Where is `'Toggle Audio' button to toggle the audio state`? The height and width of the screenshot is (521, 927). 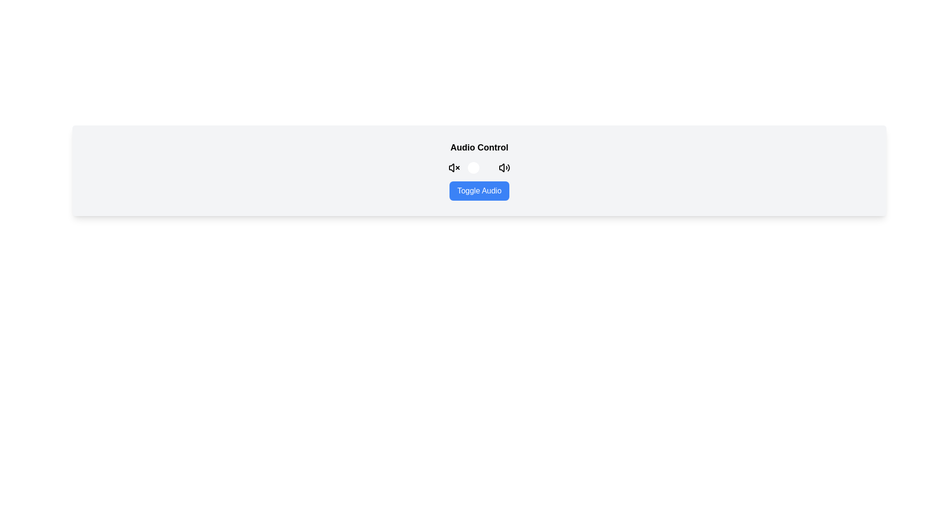 'Toggle Audio' button to toggle the audio state is located at coordinates (479, 191).